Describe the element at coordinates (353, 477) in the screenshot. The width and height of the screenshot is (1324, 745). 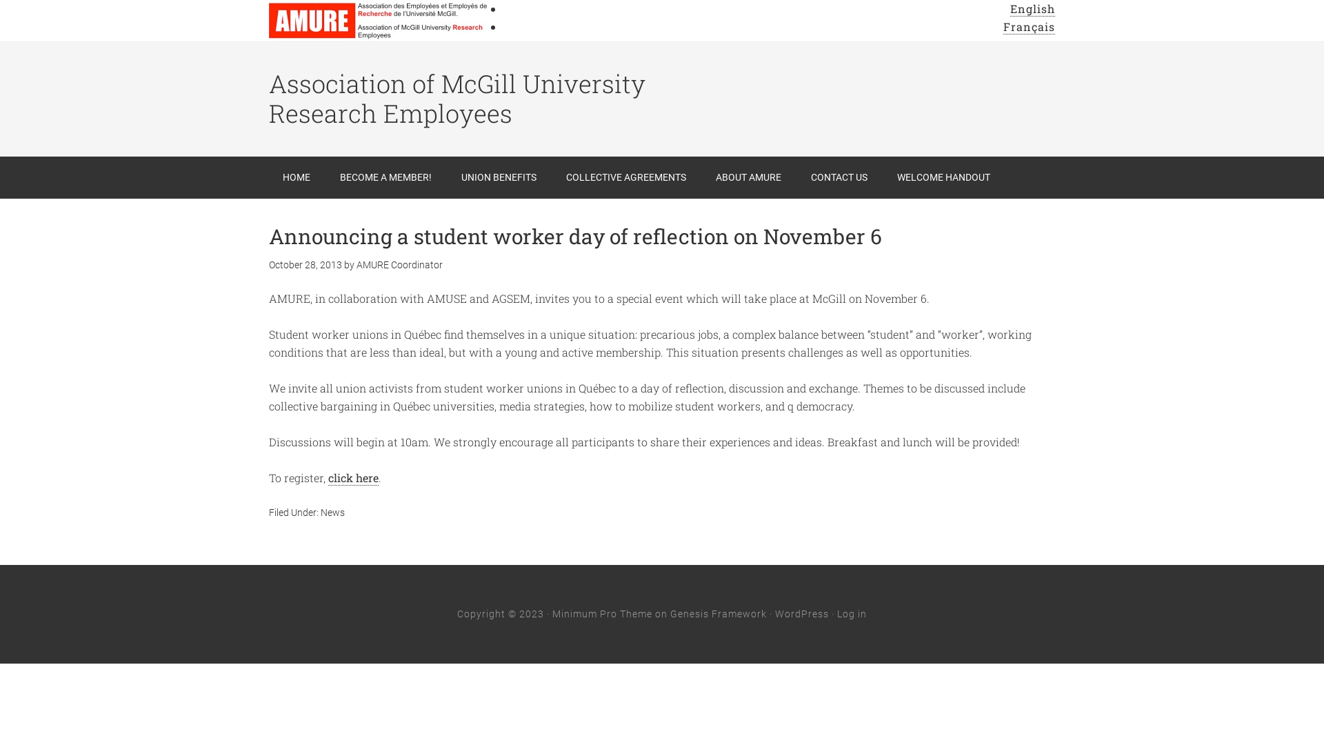
I see `'click here'` at that location.